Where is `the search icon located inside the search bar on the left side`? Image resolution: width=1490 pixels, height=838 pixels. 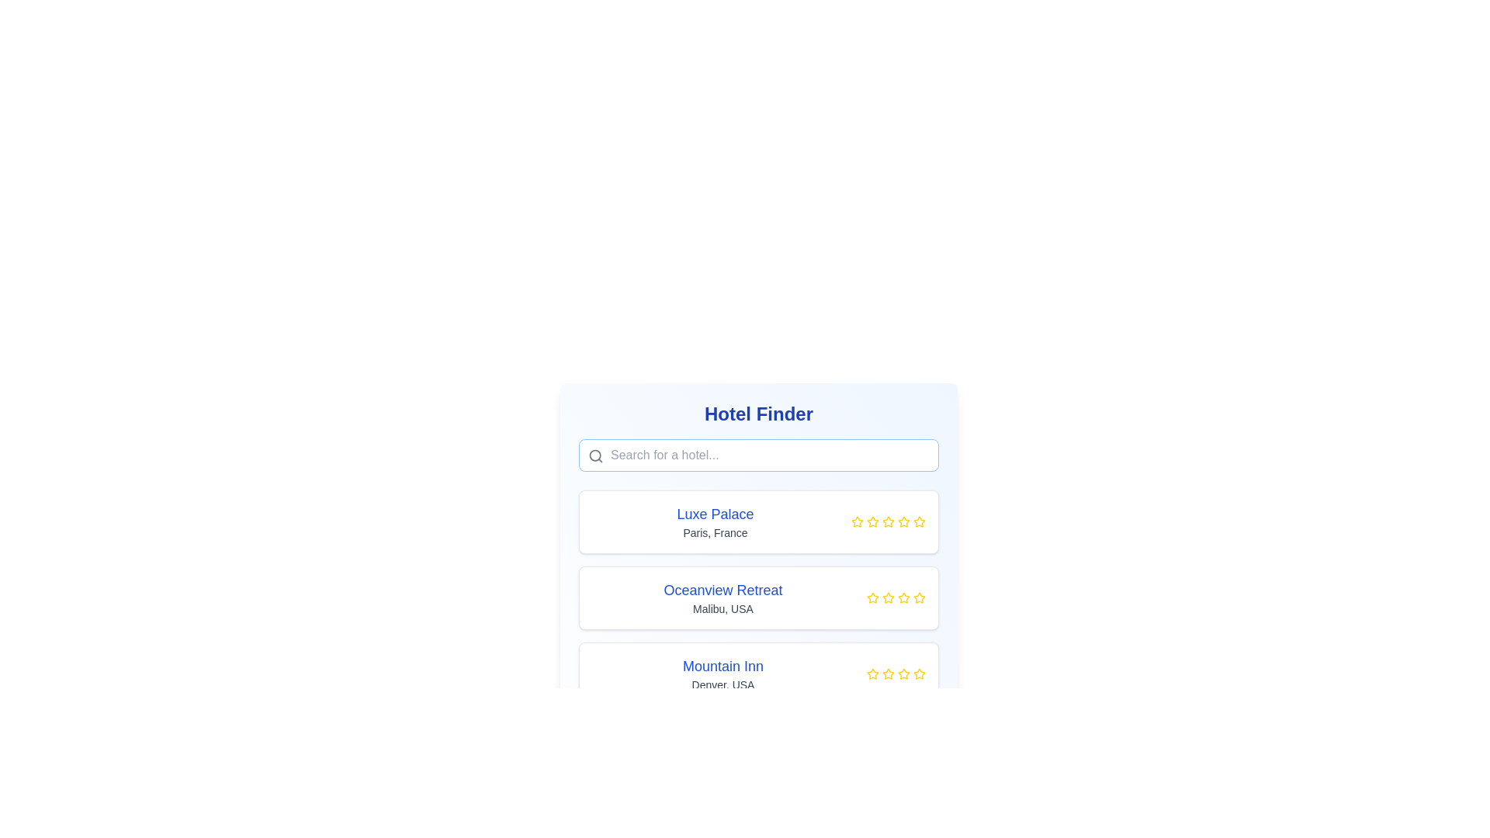 the search icon located inside the search bar on the left side is located at coordinates (595, 455).